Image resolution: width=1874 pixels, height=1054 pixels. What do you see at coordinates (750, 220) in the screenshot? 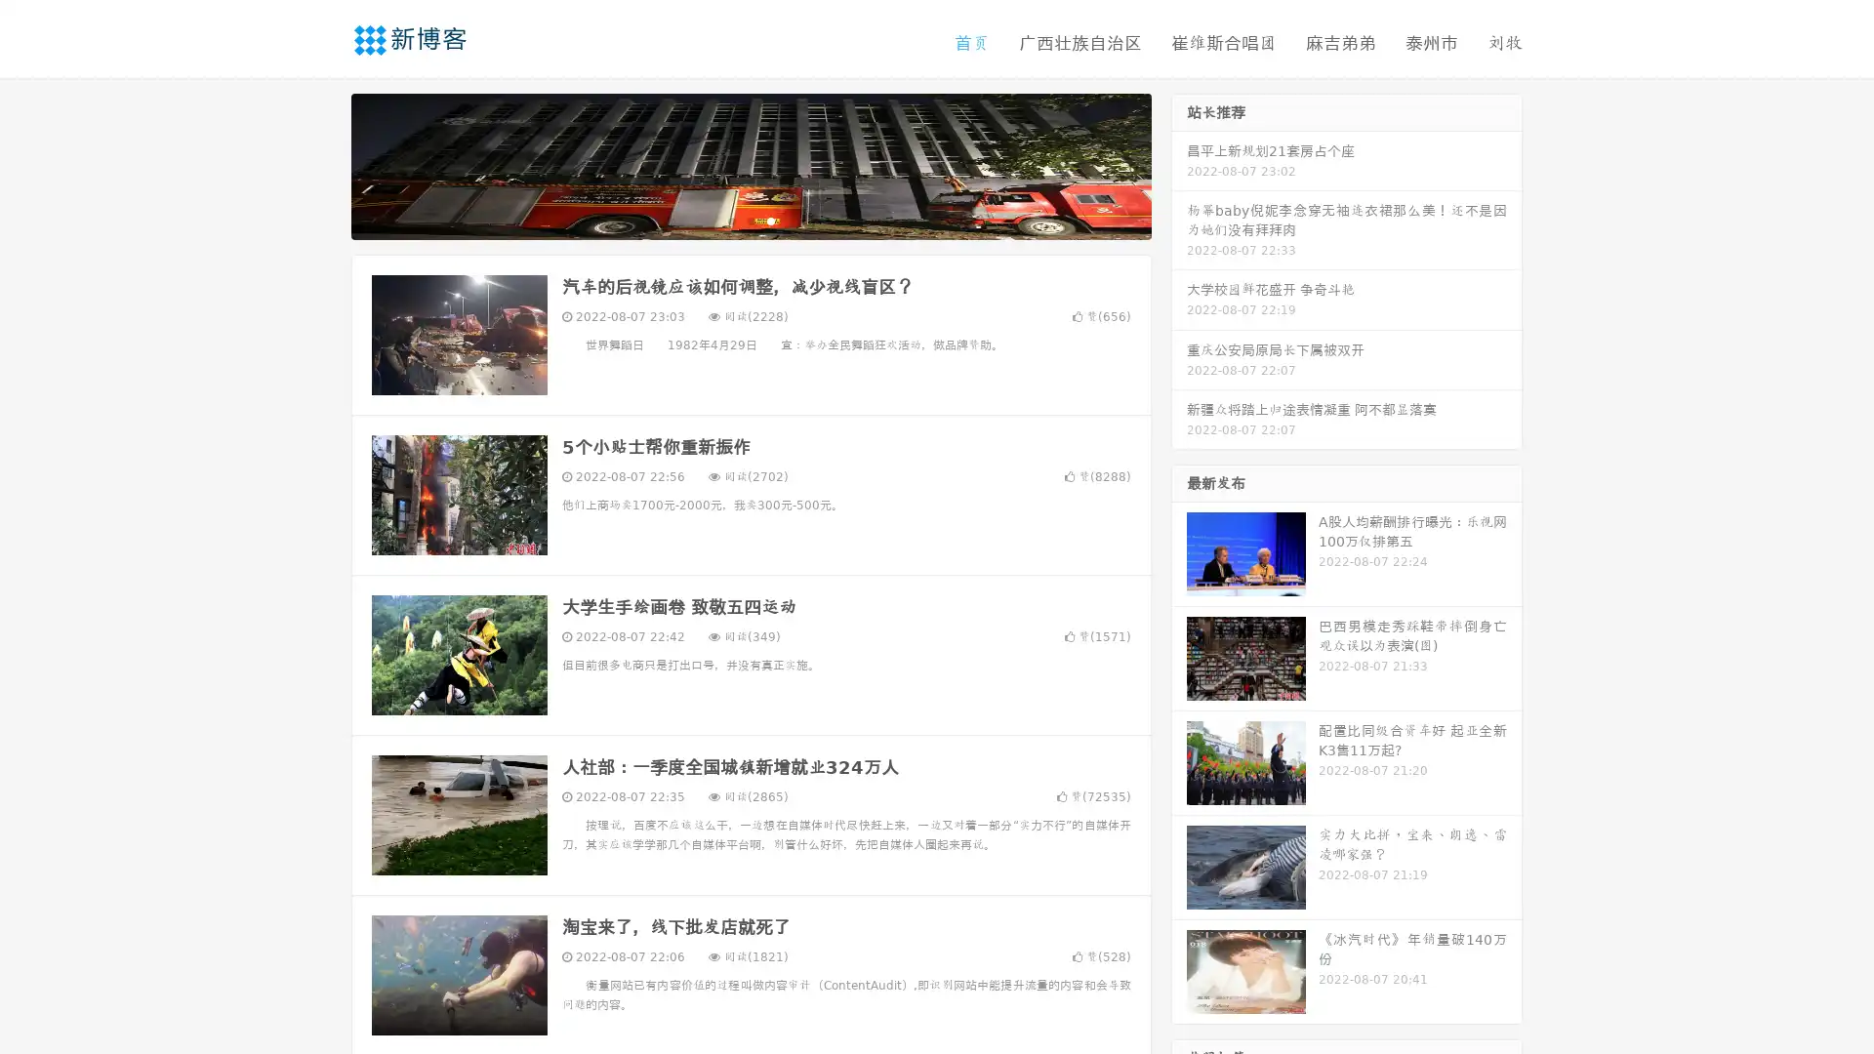
I see `Go to slide 2` at bounding box center [750, 220].